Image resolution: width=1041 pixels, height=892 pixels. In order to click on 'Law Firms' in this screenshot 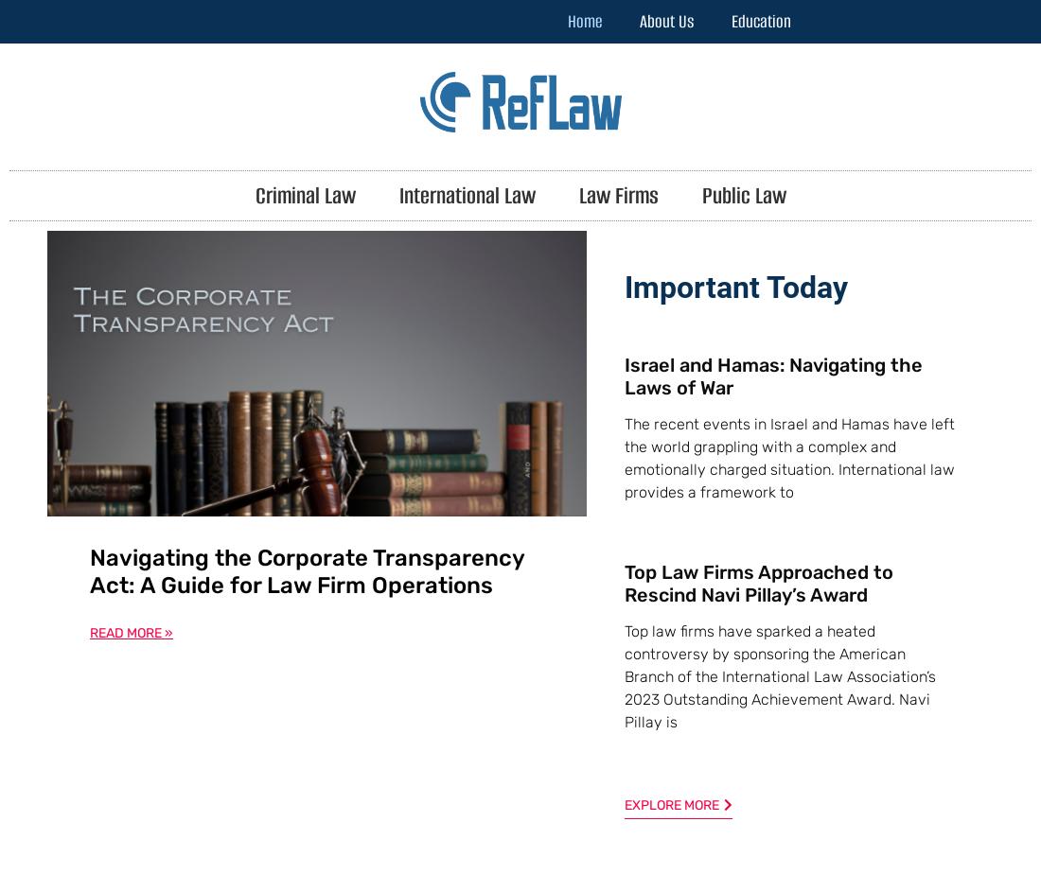, I will do `click(617, 194)`.